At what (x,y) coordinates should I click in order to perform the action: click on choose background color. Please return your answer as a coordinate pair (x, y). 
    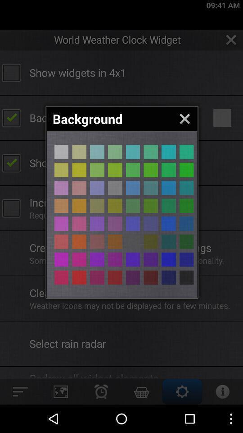
    Looking at the image, I should click on (61, 223).